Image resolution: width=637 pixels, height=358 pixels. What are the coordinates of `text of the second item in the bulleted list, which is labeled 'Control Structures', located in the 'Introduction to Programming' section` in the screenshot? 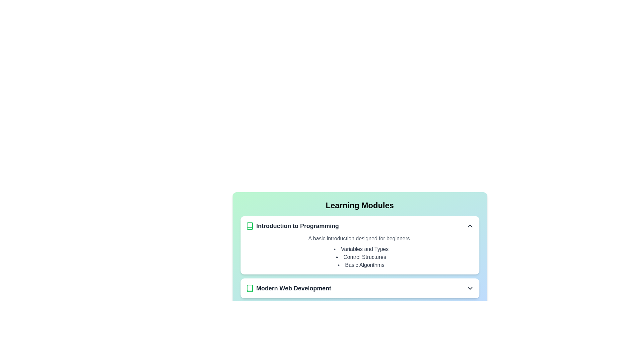 It's located at (359, 257).